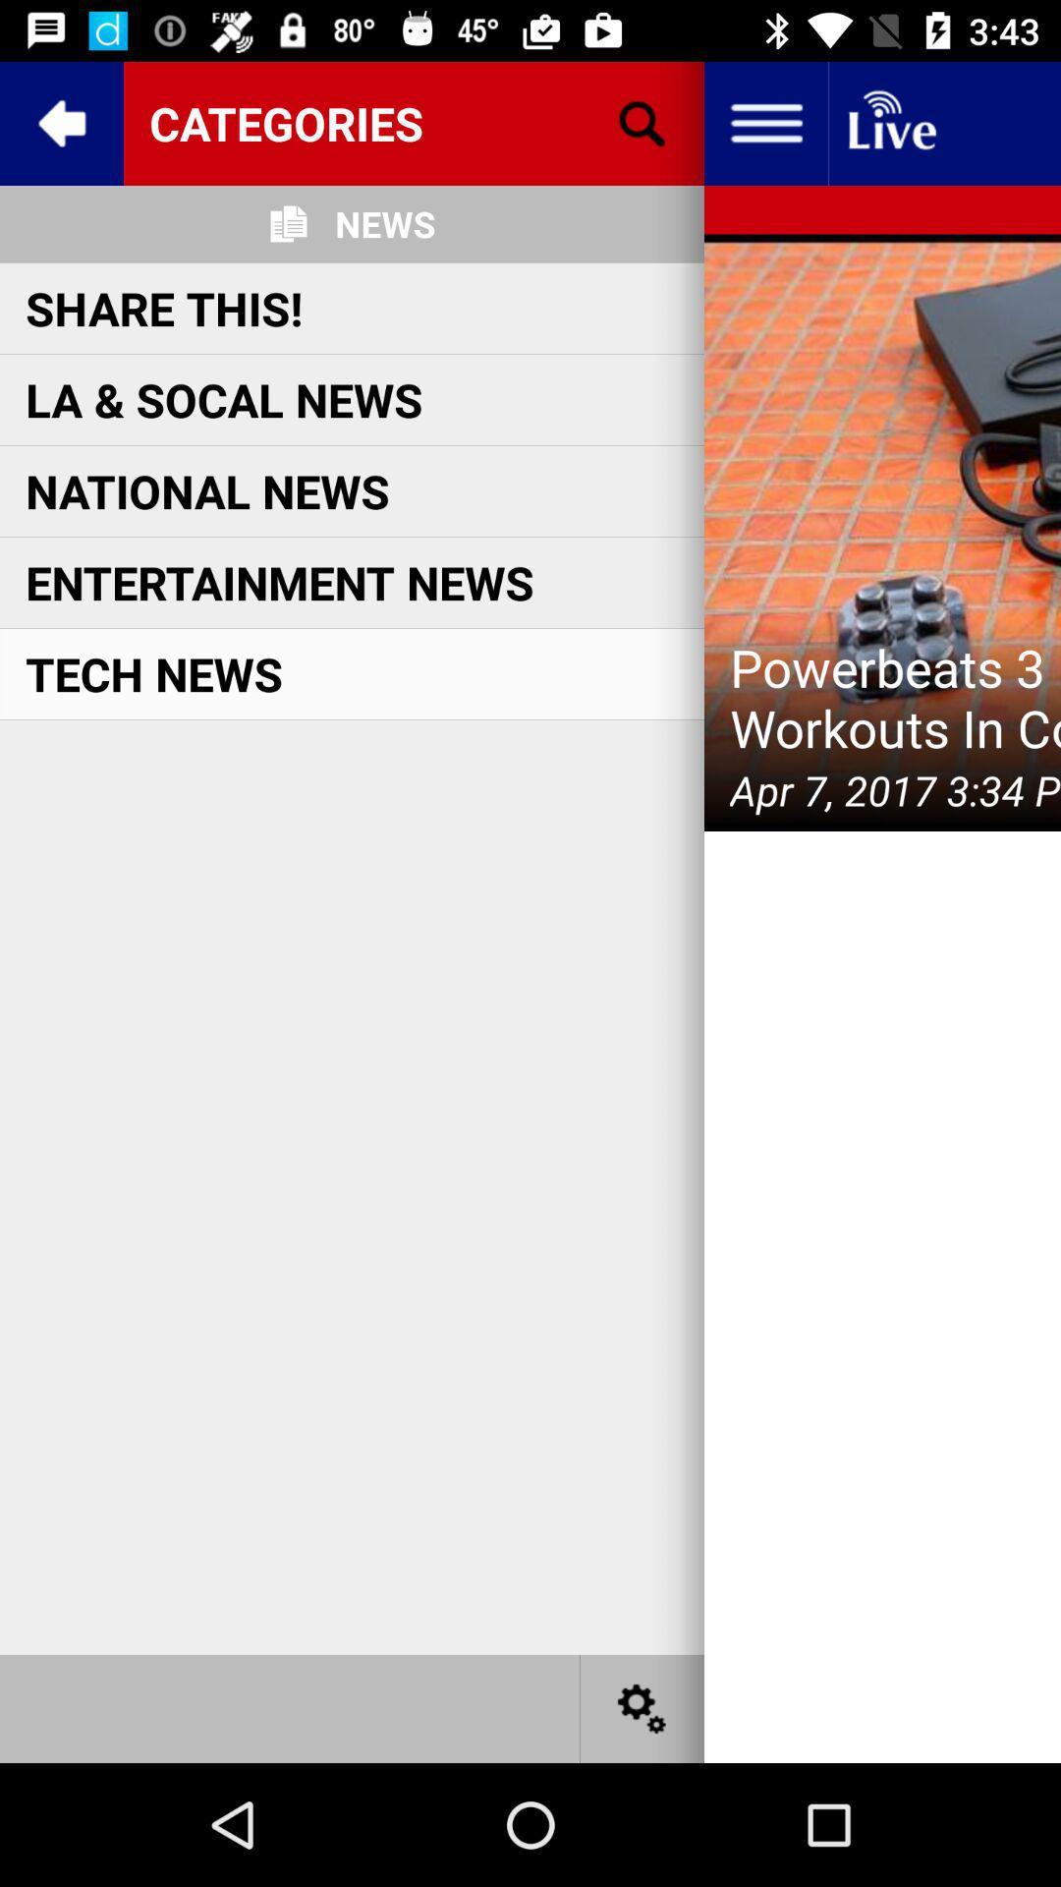 The image size is (1061, 1887). Describe the element at coordinates (207, 490) in the screenshot. I see `item below la & socal news icon` at that location.